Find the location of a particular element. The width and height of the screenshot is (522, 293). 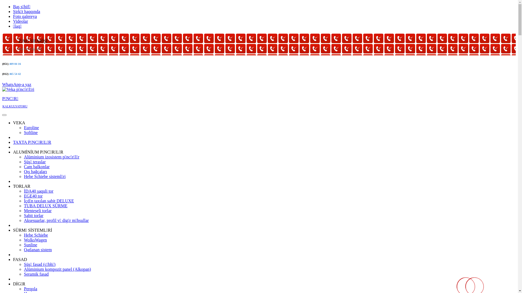

'Sunline' is located at coordinates (30, 245).